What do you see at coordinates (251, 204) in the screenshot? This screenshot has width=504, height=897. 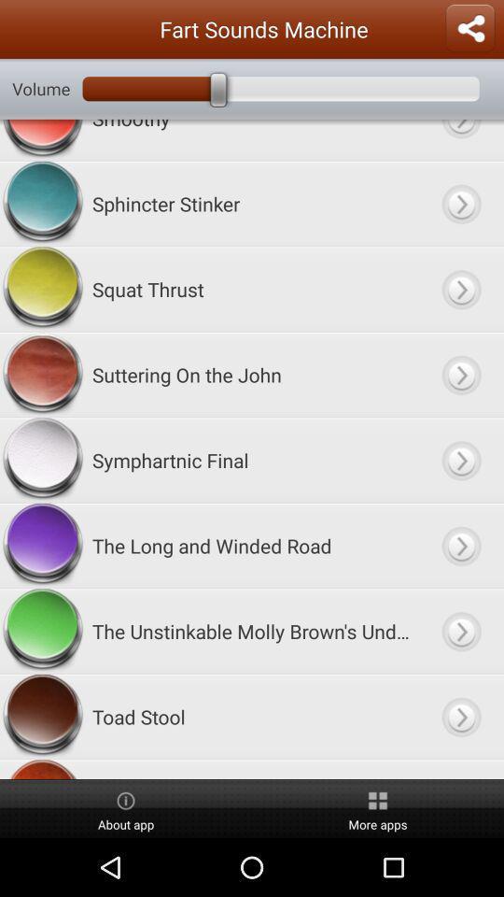 I see `sphincter stinker` at bounding box center [251, 204].